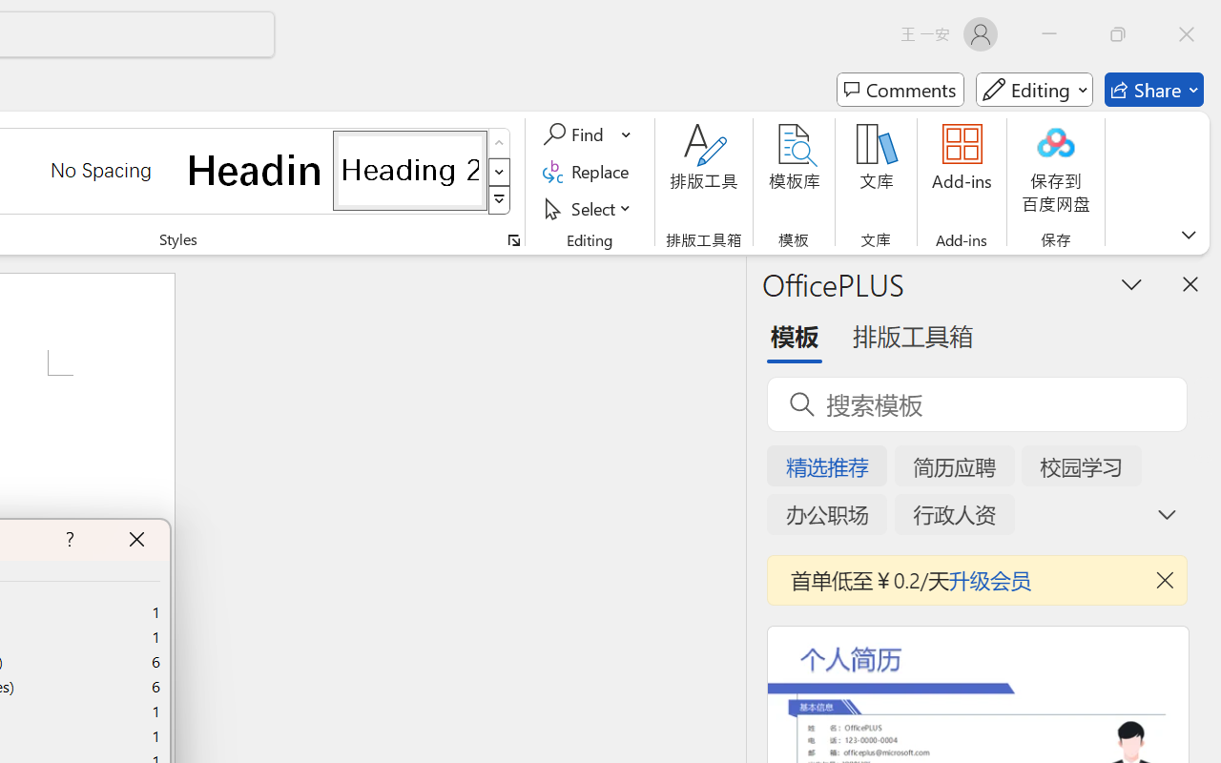 The width and height of the screenshot is (1221, 763). What do you see at coordinates (499, 171) in the screenshot?
I see `'Row Down'` at bounding box center [499, 171].